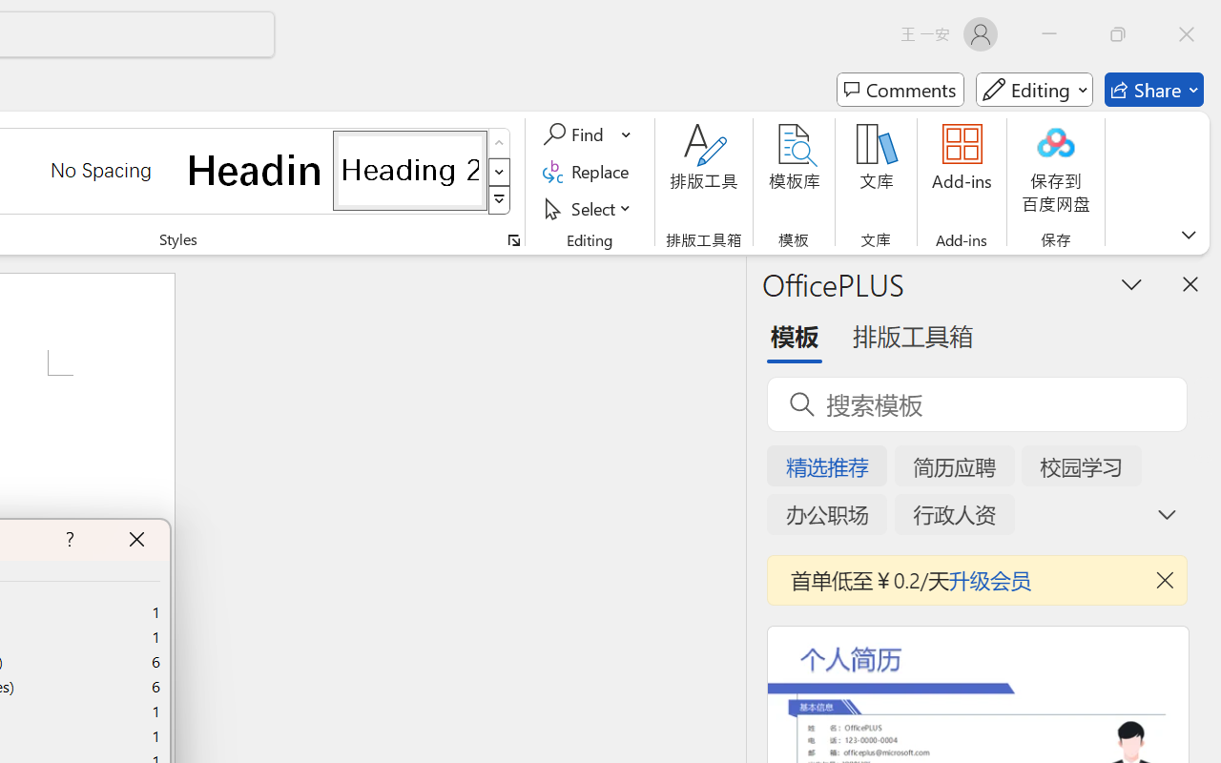 The width and height of the screenshot is (1221, 763). What do you see at coordinates (499, 171) in the screenshot?
I see `'Row Down'` at bounding box center [499, 171].